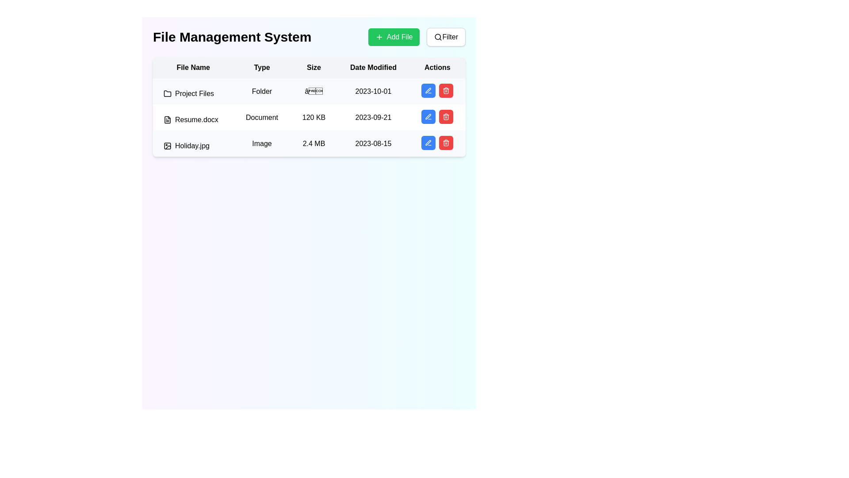 Image resolution: width=849 pixels, height=478 pixels. I want to click on the Table Header labeled 'File Name', which is styled in bold black text on a light gray background and is the first column header in a table layout, so click(193, 67).